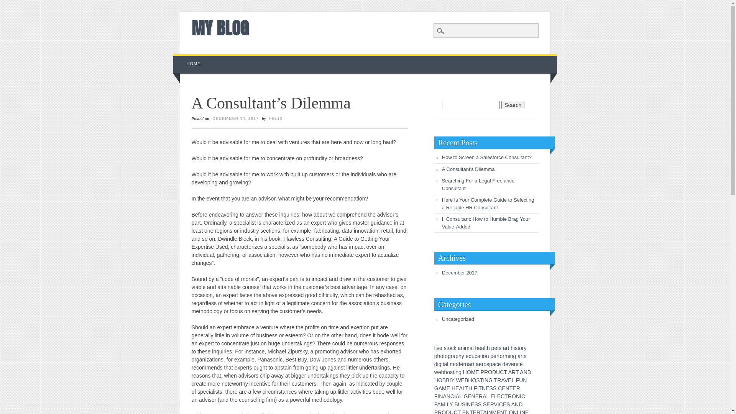 Image resolution: width=736 pixels, height=414 pixels. What do you see at coordinates (452, 363) in the screenshot?
I see `'m'` at bounding box center [452, 363].